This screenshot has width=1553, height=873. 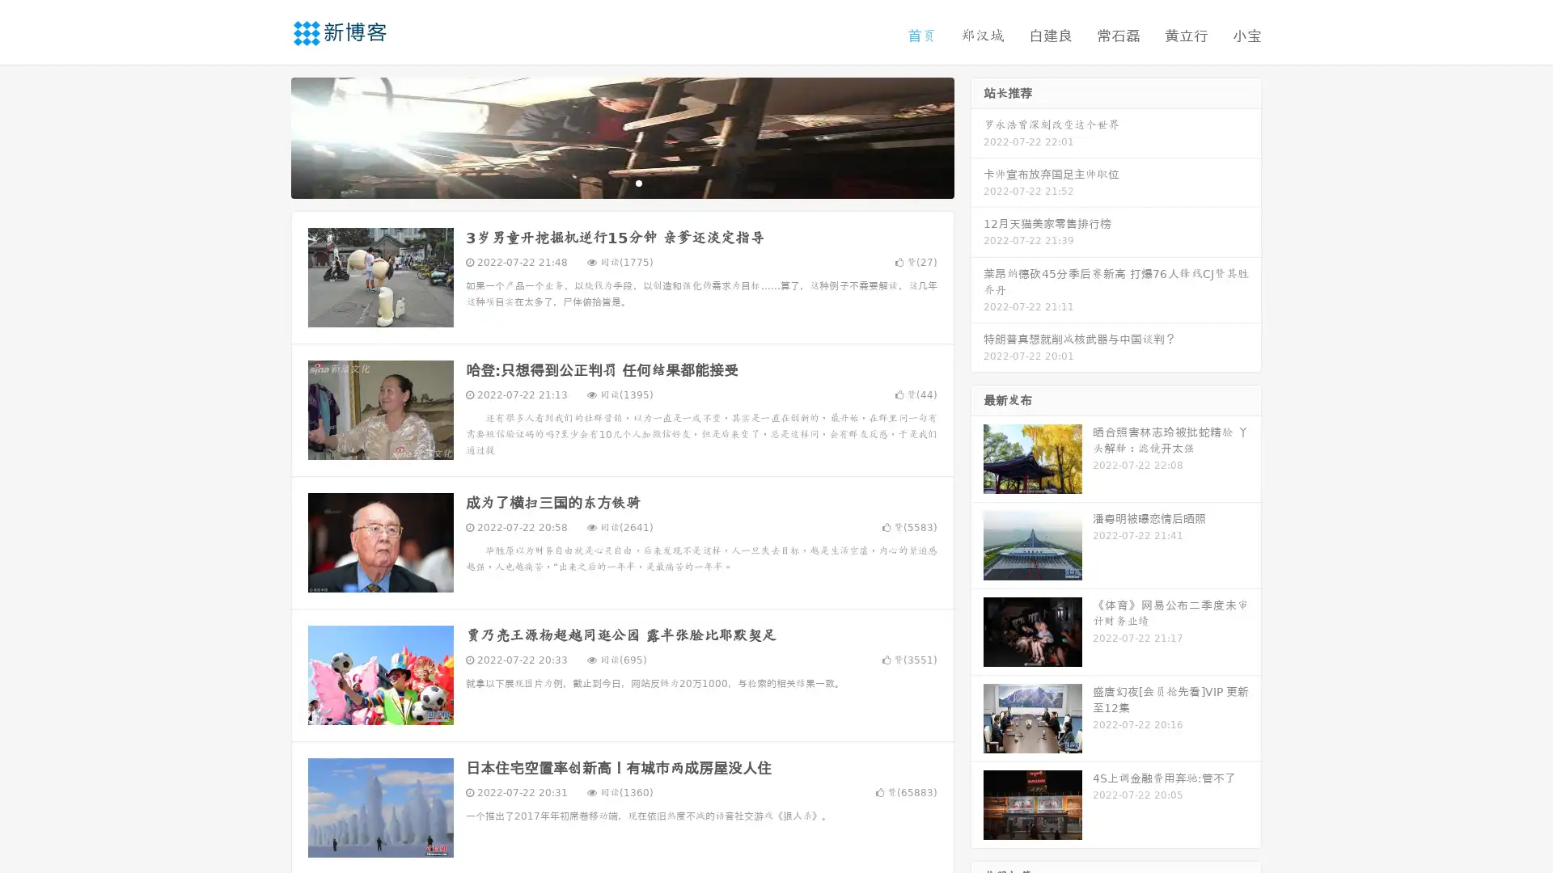 What do you see at coordinates (638, 182) in the screenshot?
I see `Go to slide 3` at bounding box center [638, 182].